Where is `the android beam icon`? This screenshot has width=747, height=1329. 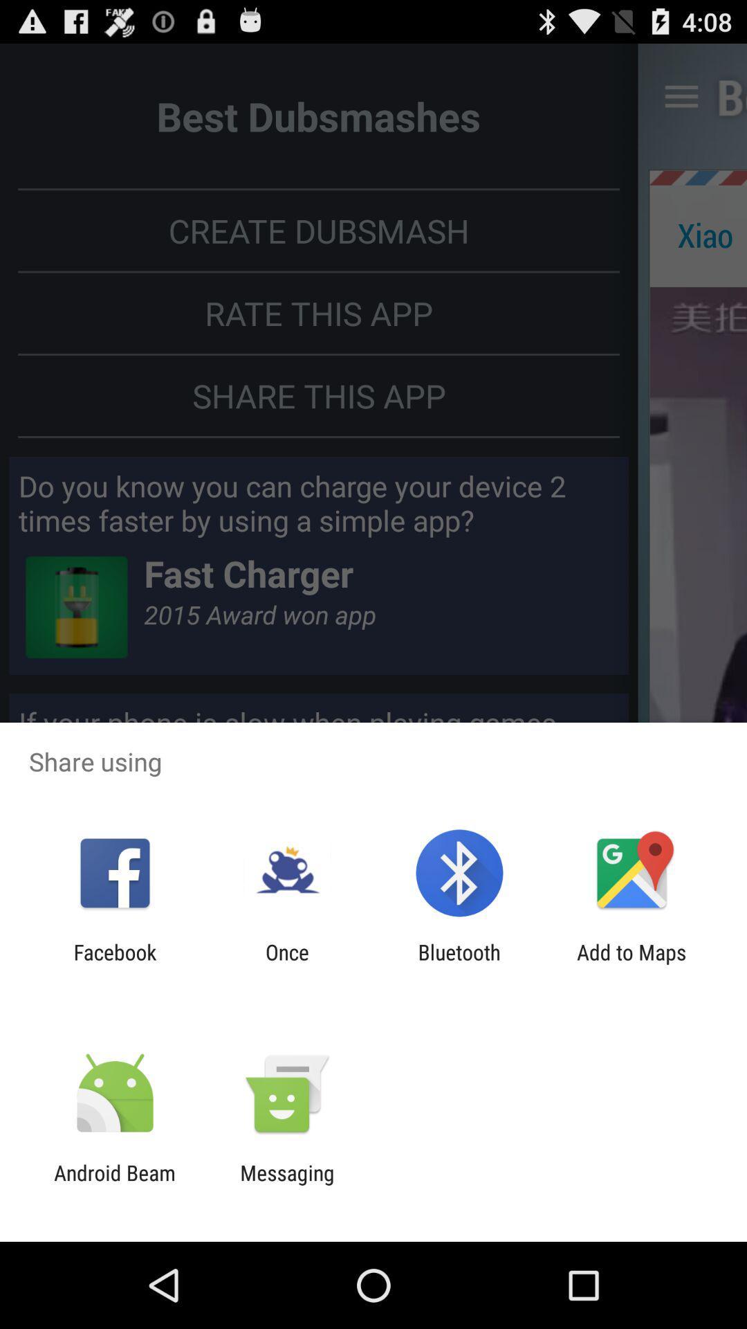
the android beam icon is located at coordinates (114, 1184).